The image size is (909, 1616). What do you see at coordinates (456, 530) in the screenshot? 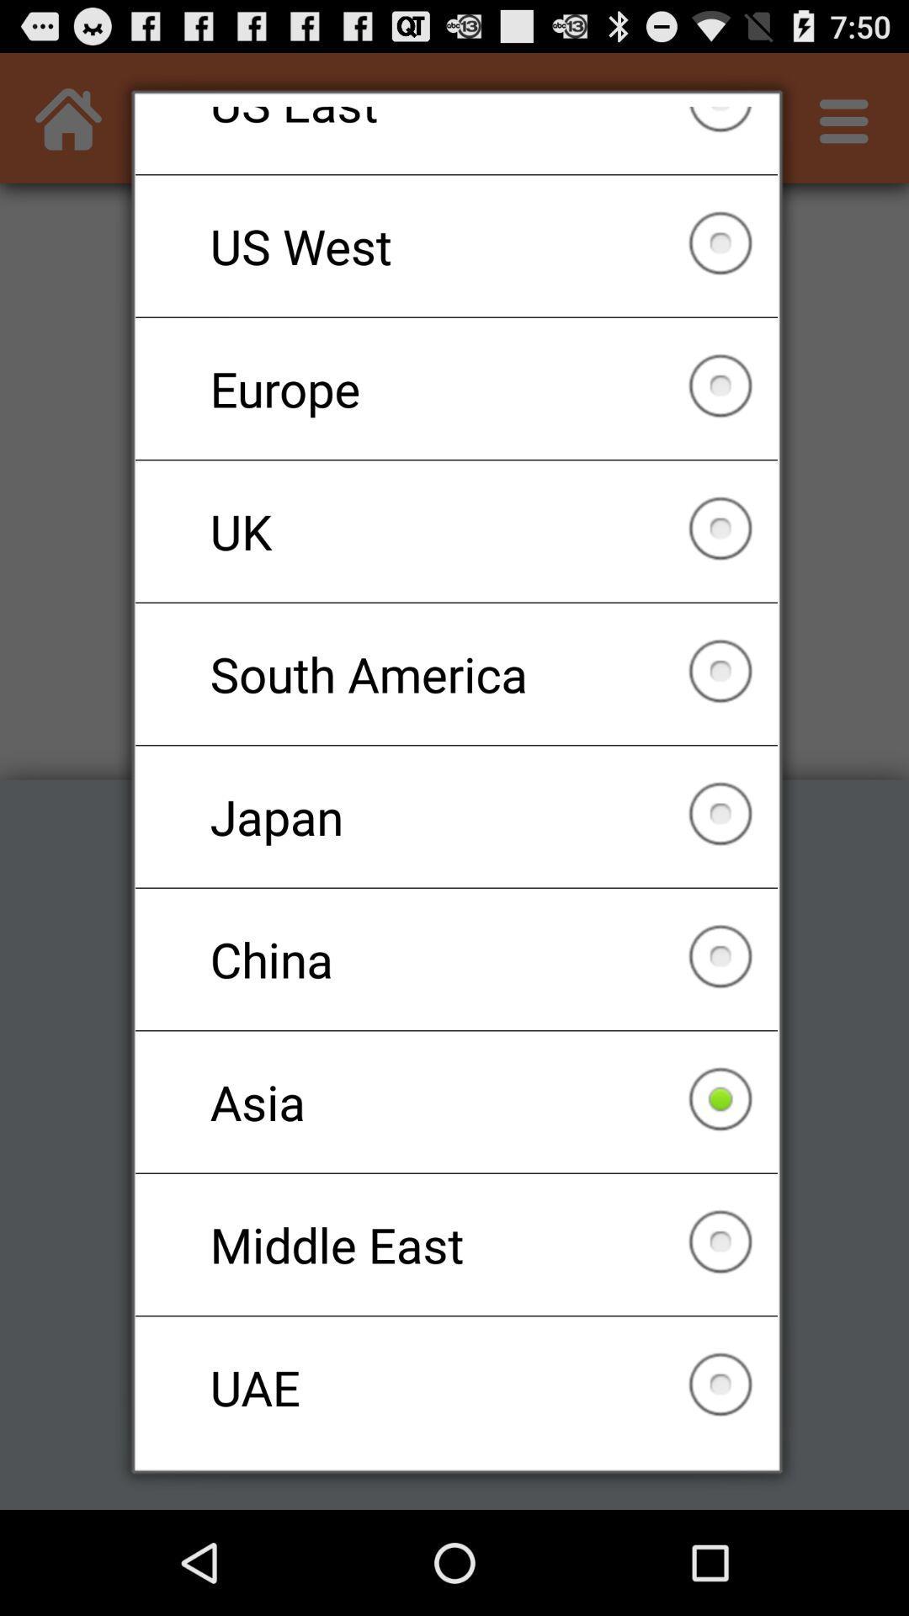
I see `item above the     south america checkbox` at bounding box center [456, 530].